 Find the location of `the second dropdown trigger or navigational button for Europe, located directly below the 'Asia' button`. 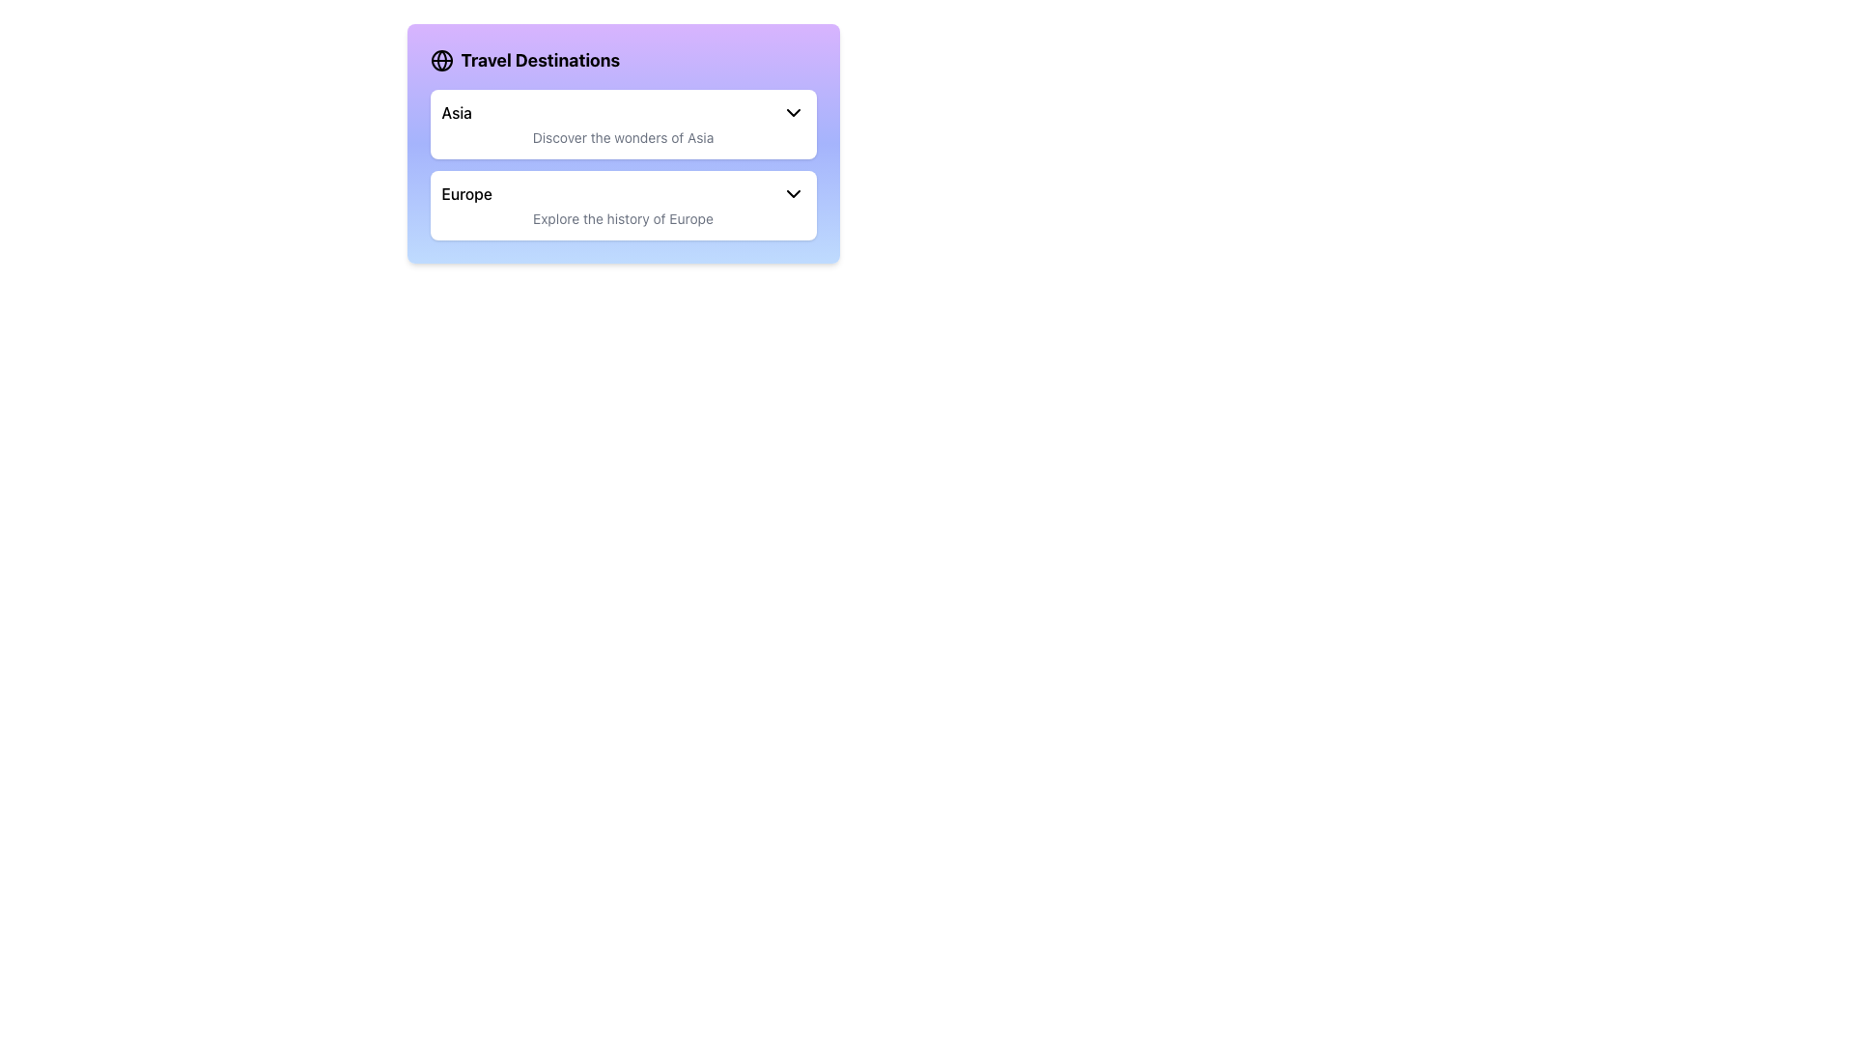

the second dropdown trigger or navigational button for Europe, located directly below the 'Asia' button is located at coordinates (623, 205).